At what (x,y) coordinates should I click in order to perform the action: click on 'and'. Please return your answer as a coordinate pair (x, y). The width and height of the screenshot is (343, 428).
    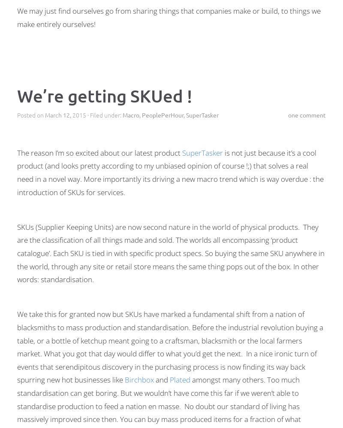
    Looking at the image, I should click on (161, 379).